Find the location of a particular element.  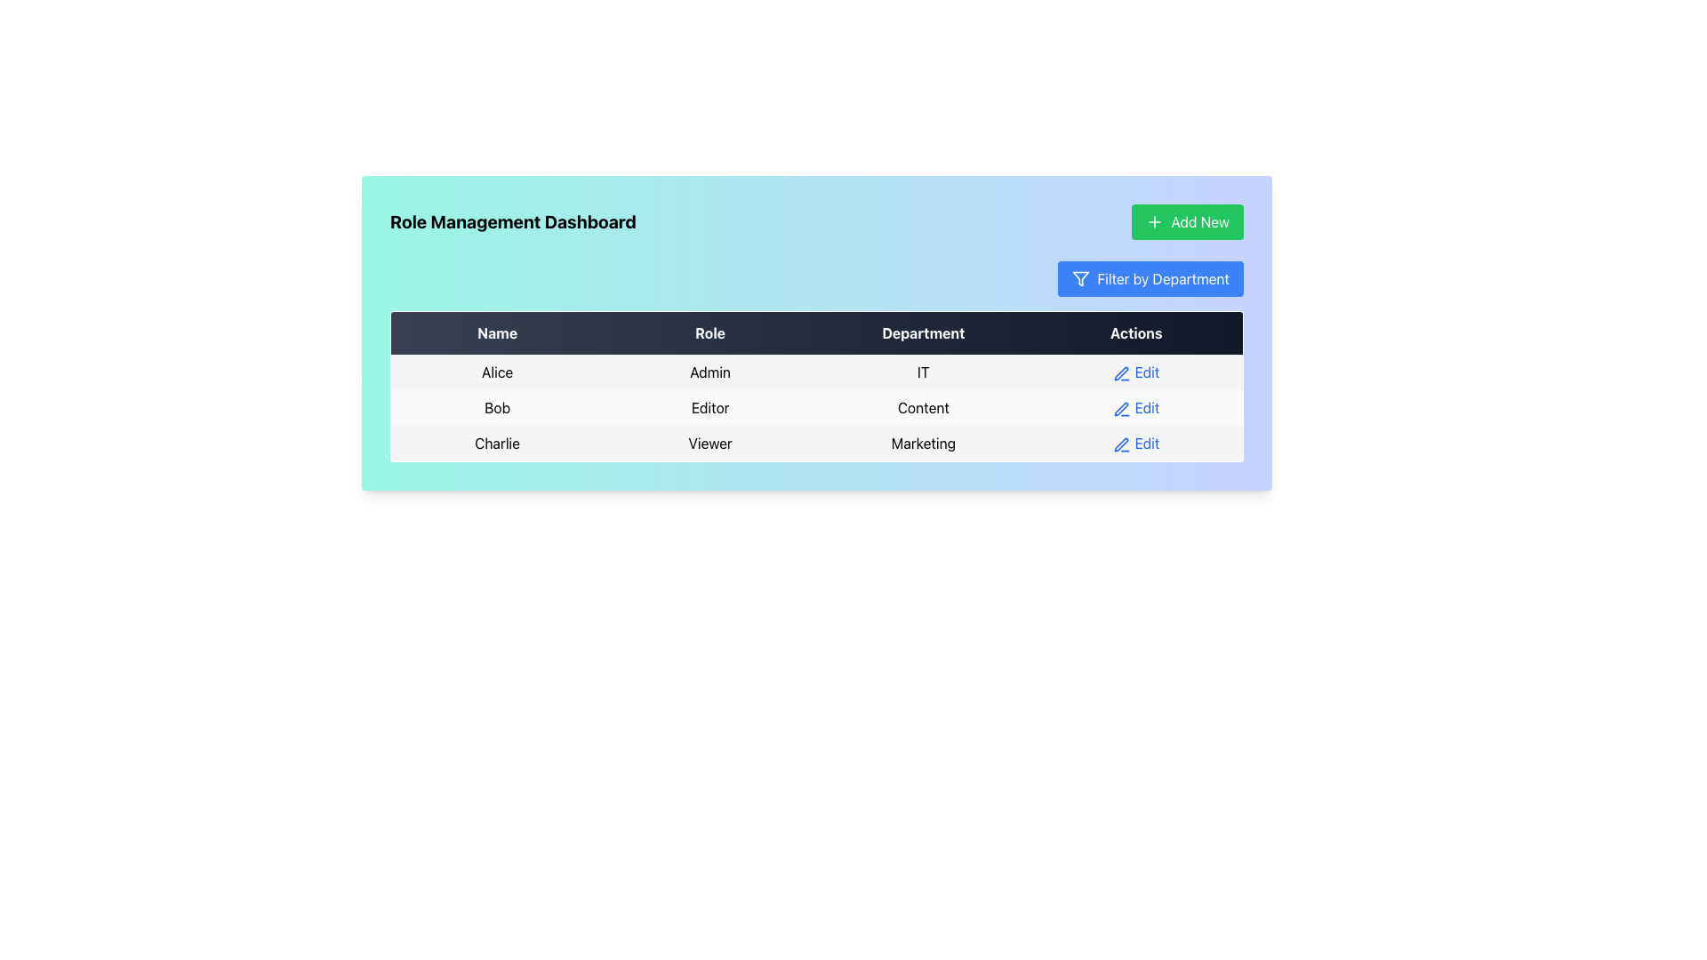

the 'Edit' icon in the 'Actions' column of the 'Role Management Dashboard' table for the 'Charlie' entry is located at coordinates (1121, 444).